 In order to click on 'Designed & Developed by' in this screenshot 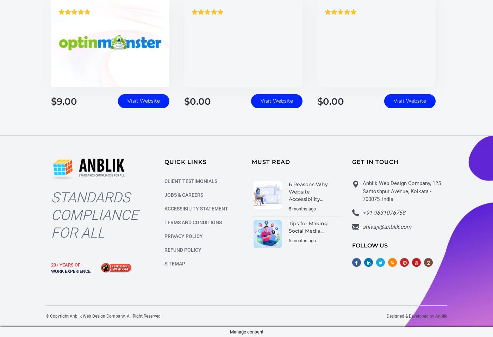, I will do `click(411, 317)`.